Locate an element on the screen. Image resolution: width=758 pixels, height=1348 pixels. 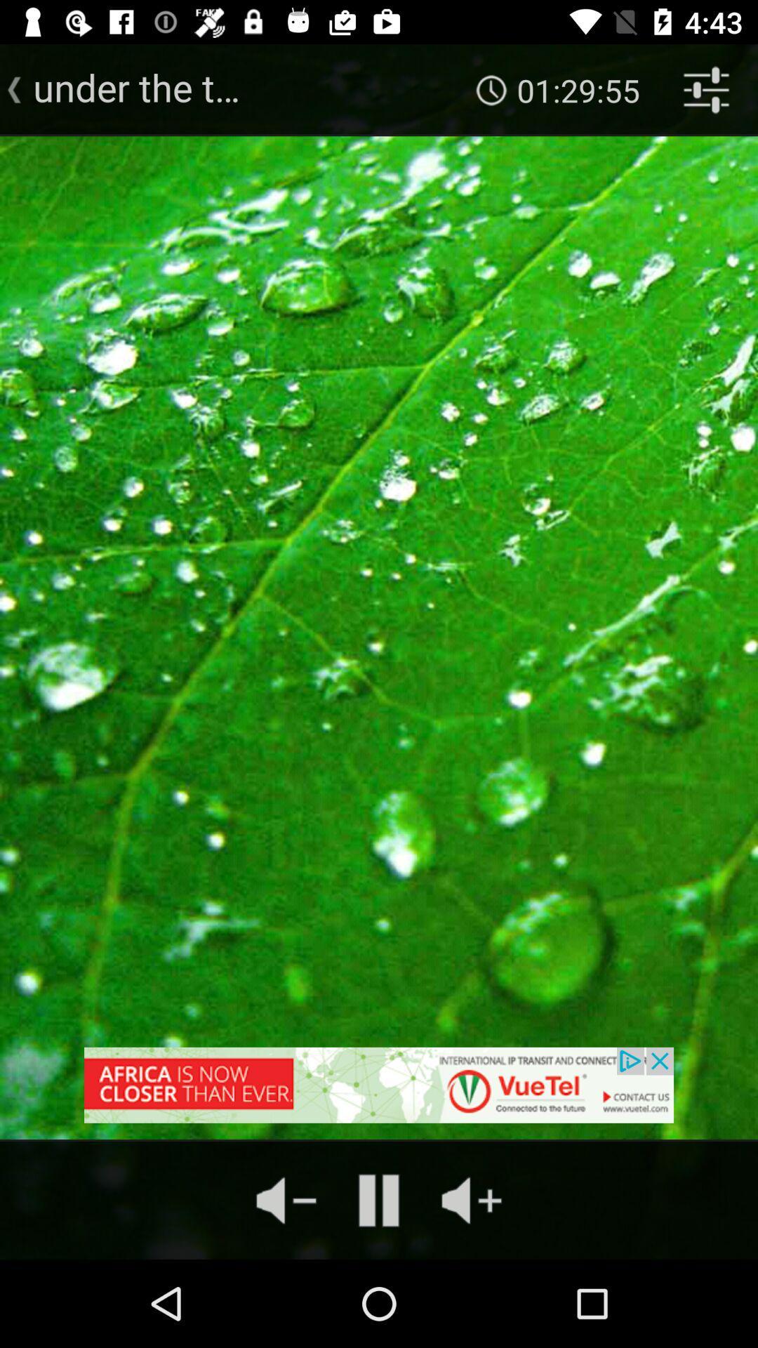
the sliders icon is located at coordinates (706, 89).